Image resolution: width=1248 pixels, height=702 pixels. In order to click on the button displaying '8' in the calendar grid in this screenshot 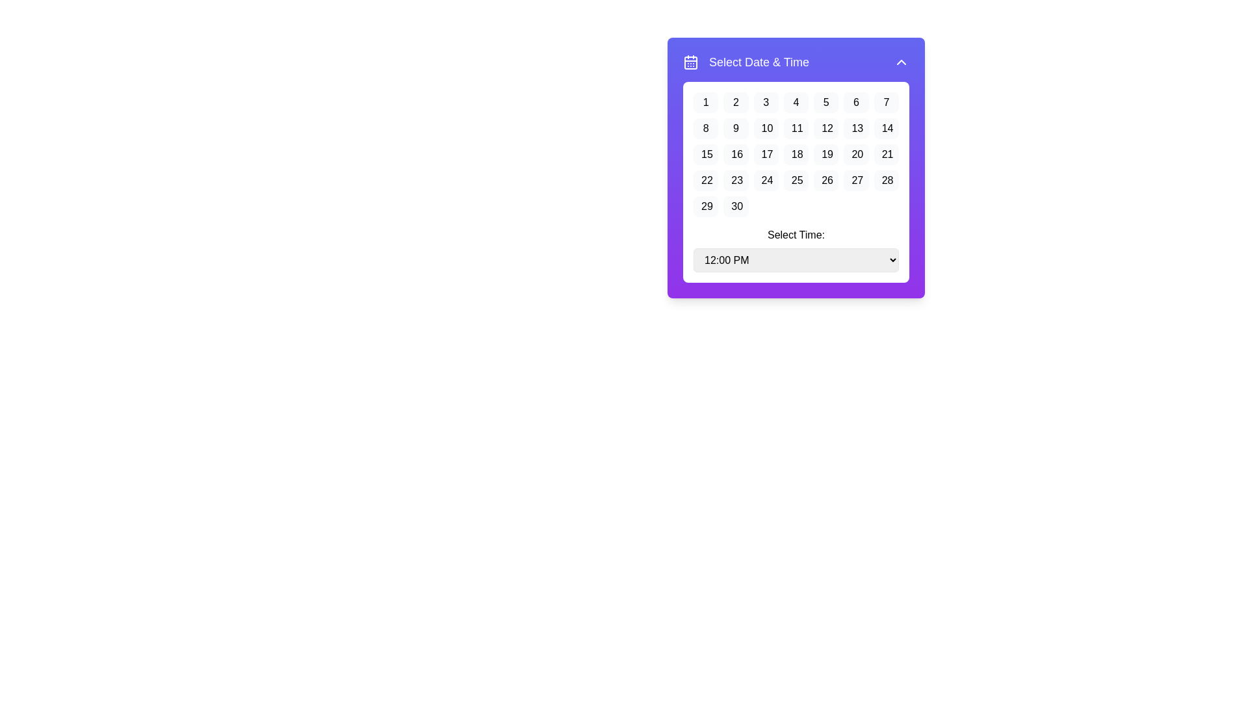, I will do `click(705, 128)`.